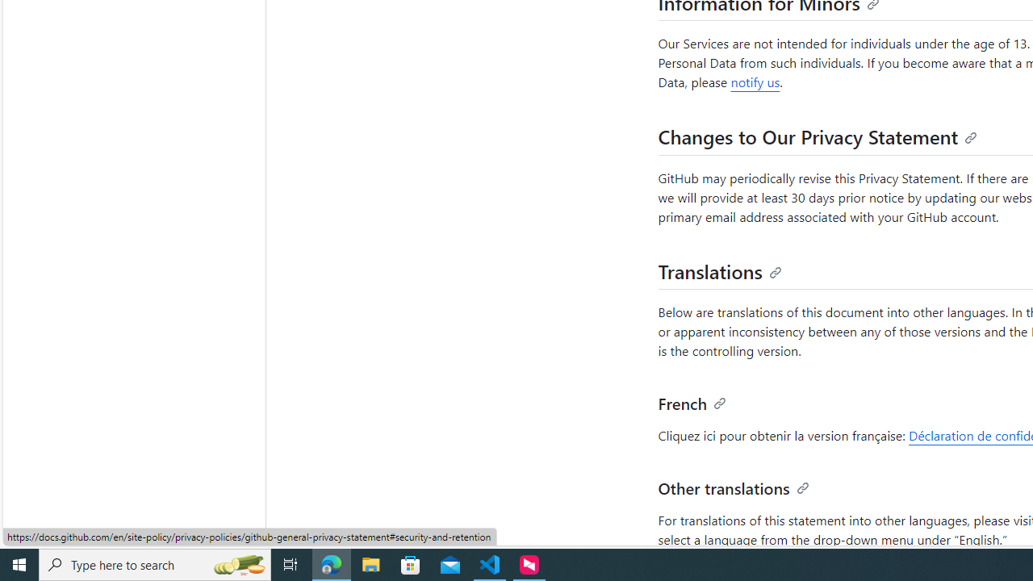 Image resolution: width=1033 pixels, height=581 pixels. What do you see at coordinates (754, 82) in the screenshot?
I see `'notify us'` at bounding box center [754, 82].